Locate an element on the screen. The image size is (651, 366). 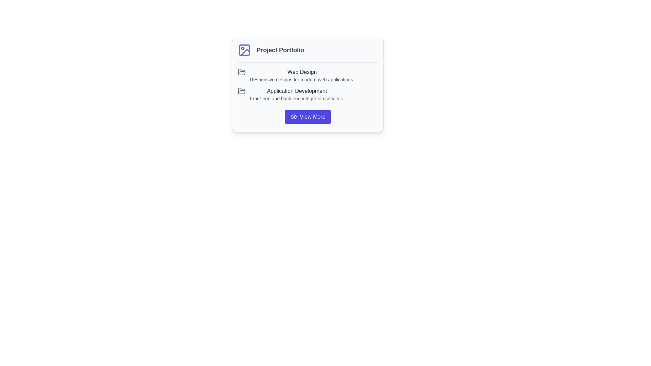
the text element displaying 'Front-end and back-end integration services.' which is located below 'Application Development' in the 'Project Portfolio' card is located at coordinates (297, 98).